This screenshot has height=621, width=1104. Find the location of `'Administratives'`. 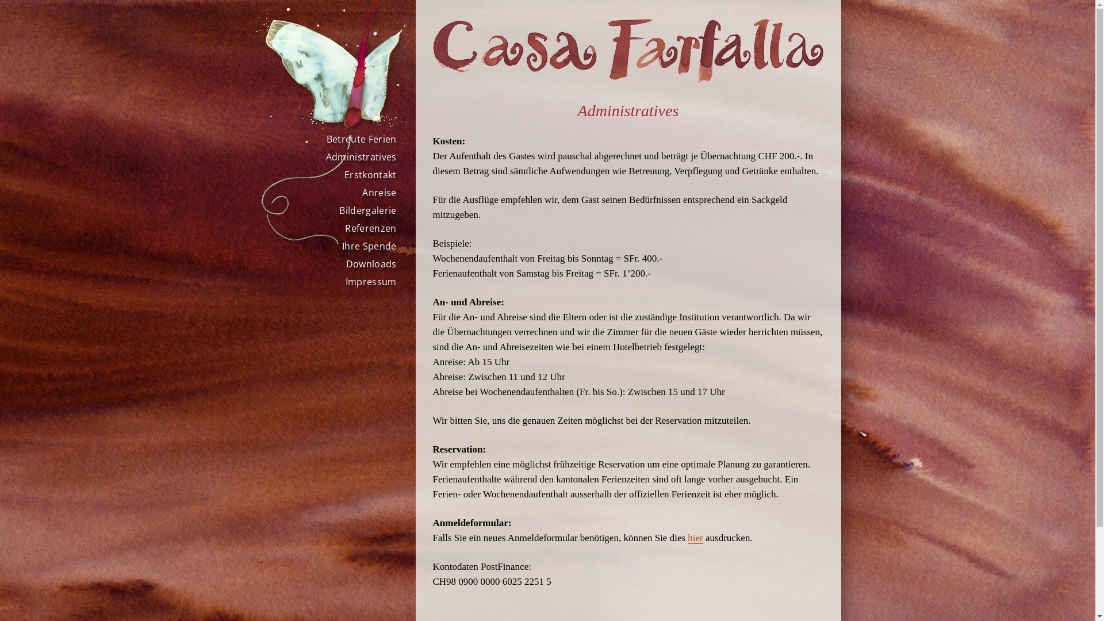

'Administratives' is located at coordinates (361, 157).